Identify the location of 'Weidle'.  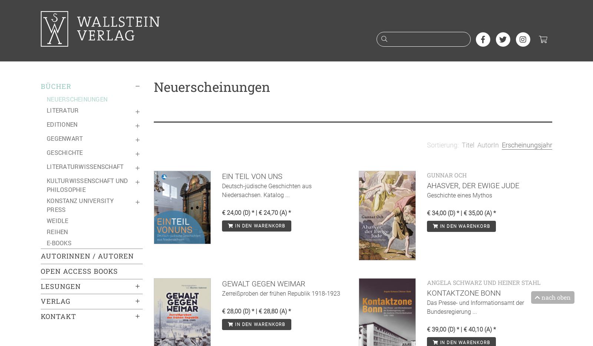
(57, 220).